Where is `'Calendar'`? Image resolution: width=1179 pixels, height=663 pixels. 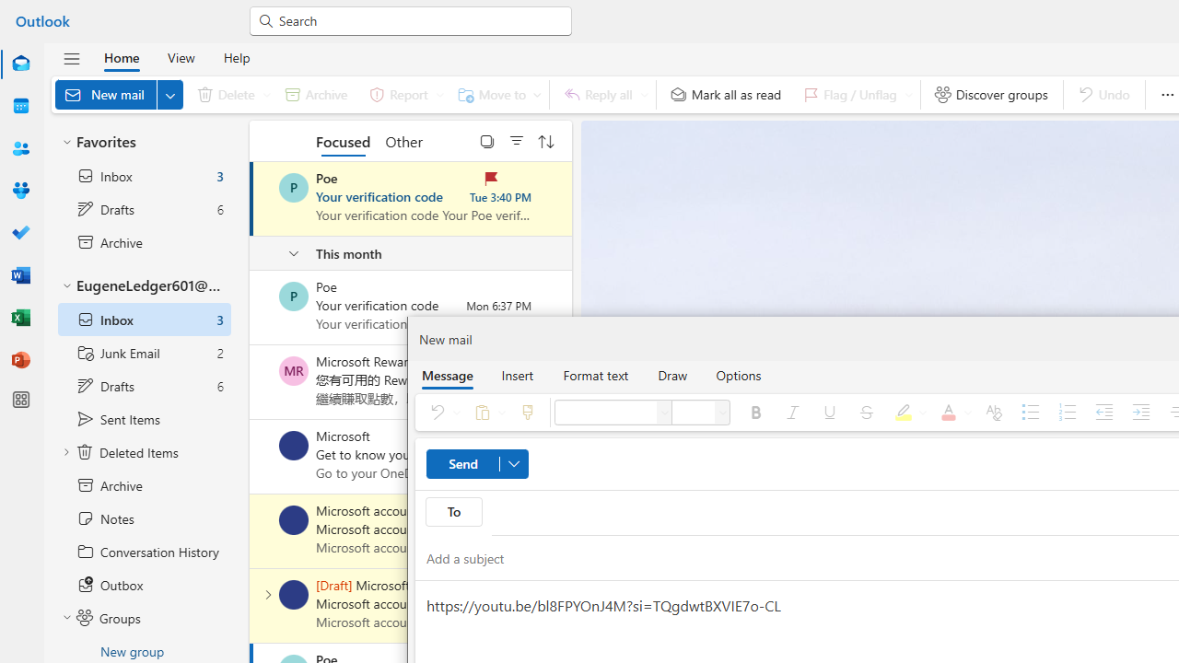
'Calendar' is located at coordinates (21, 106).